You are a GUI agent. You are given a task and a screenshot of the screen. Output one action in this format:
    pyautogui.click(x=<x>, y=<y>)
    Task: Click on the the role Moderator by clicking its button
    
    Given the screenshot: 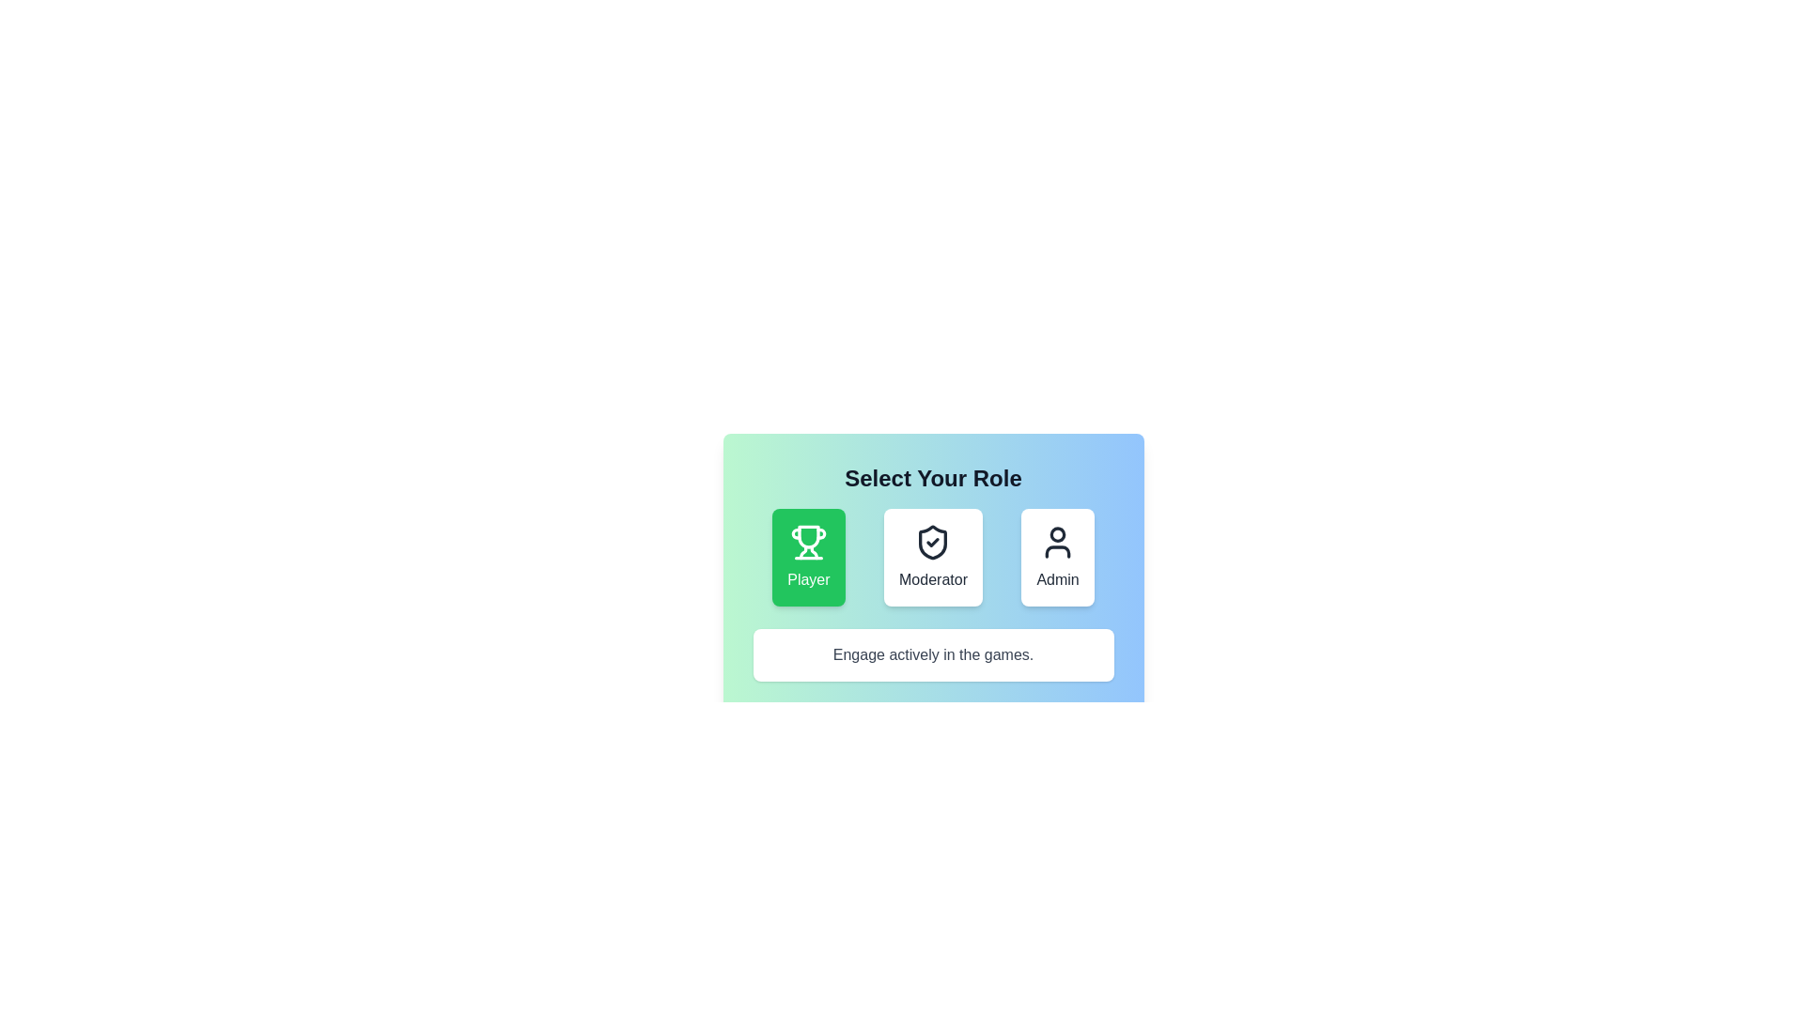 What is the action you would take?
    pyautogui.click(x=933, y=557)
    